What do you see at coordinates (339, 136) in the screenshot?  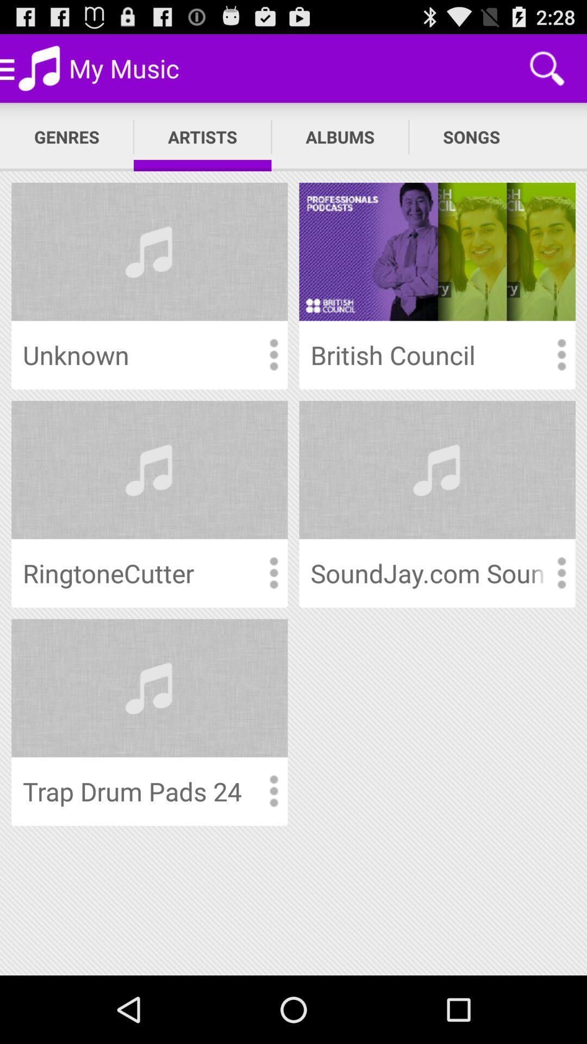 I see `the app next to artists icon` at bounding box center [339, 136].